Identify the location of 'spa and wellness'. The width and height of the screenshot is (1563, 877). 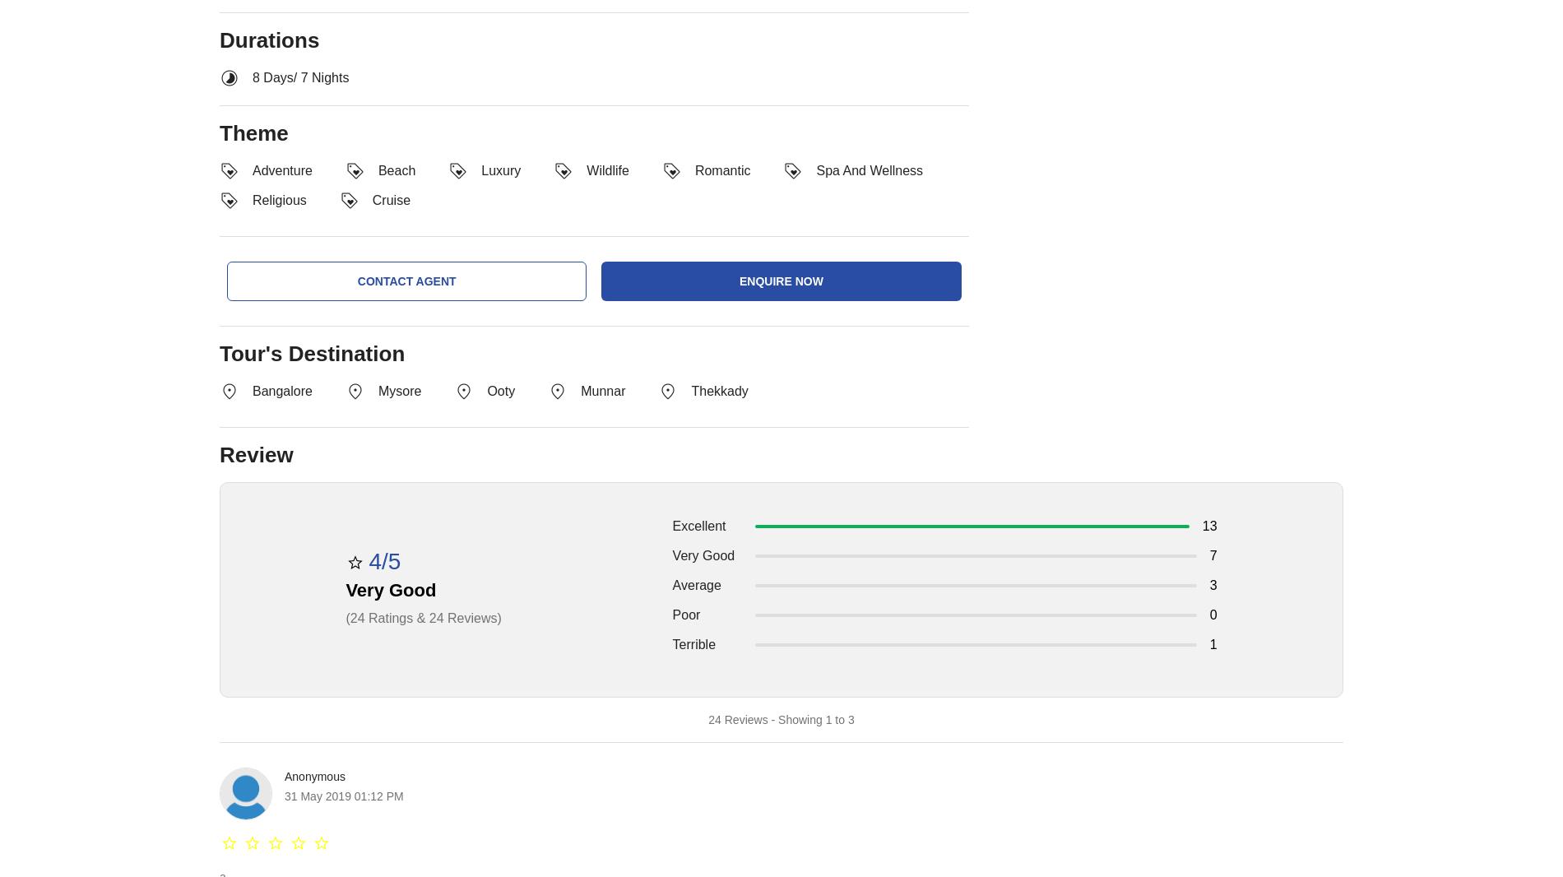
(869, 169).